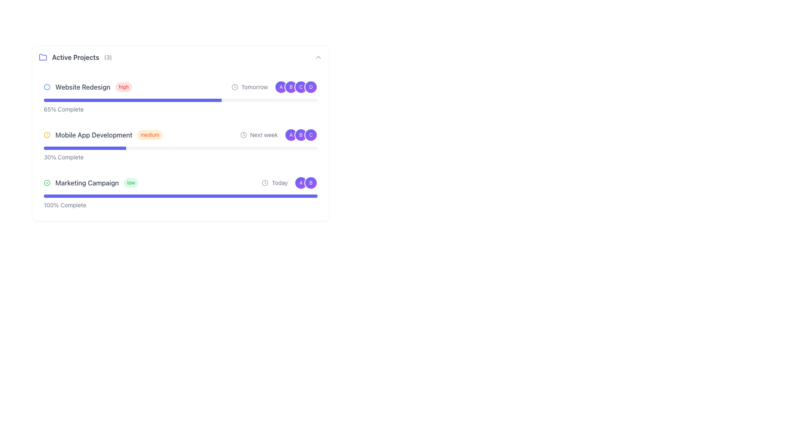 This screenshot has height=446, width=794. I want to click on the fully filled blue progress bar located below the 'Marketing Campaign' section, indicating '100% Complete', so click(180, 196).